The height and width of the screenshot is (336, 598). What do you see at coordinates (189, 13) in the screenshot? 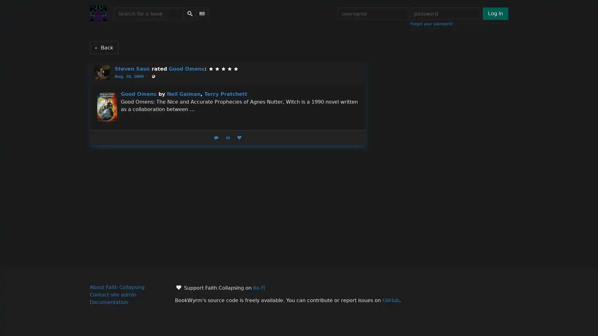
I see `Search` at bounding box center [189, 13].